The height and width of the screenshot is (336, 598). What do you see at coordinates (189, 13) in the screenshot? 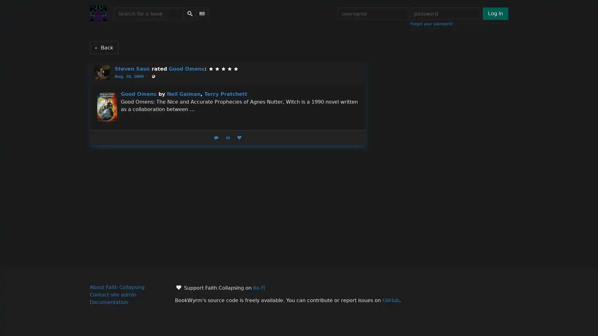
I see `Search` at bounding box center [189, 13].